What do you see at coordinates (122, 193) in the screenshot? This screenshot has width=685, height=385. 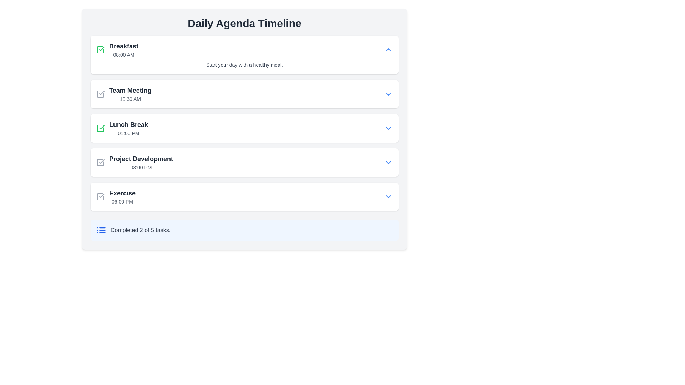 I see `bolded text element displaying 'Exercise' located at the bottom of the 'Daily Agenda Timeline' section titled '06:00 PM'` at bounding box center [122, 193].